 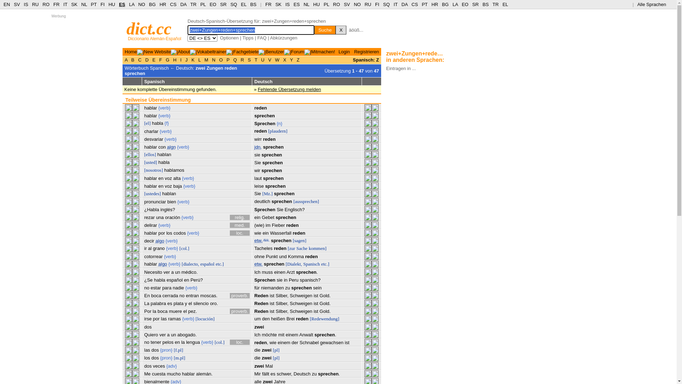 What do you see at coordinates (328, 373) in the screenshot?
I see `'sprechen.'` at bounding box center [328, 373].